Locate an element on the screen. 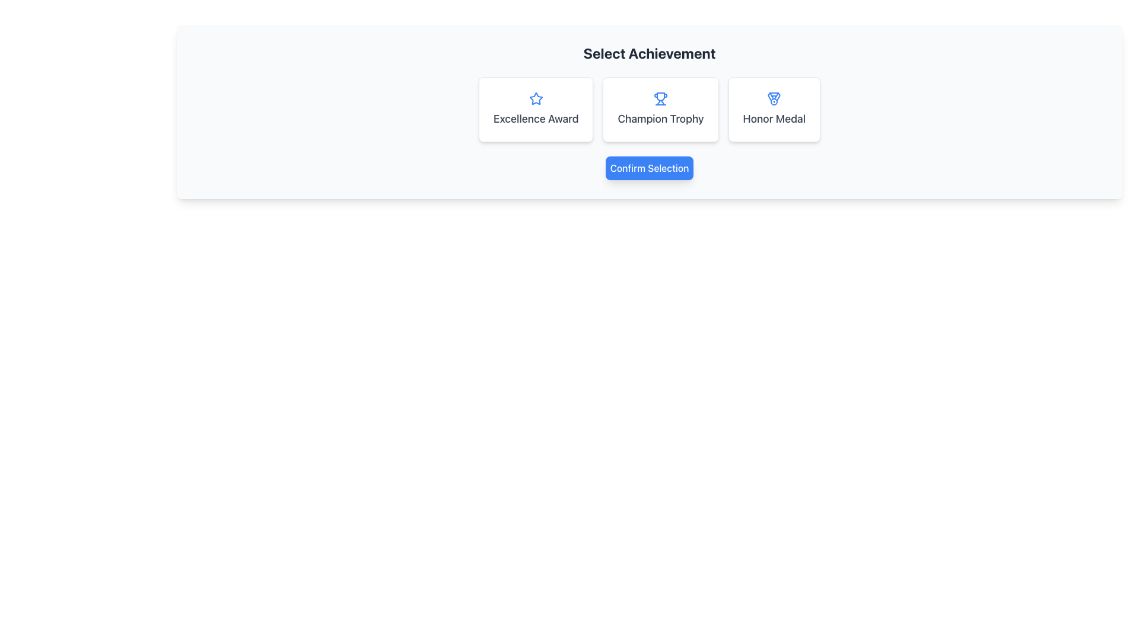 The width and height of the screenshot is (1139, 640). the 'Honor Medal' icon in the achievement selection interface, which is the third option among three horizontally aligned options is located at coordinates (774, 98).